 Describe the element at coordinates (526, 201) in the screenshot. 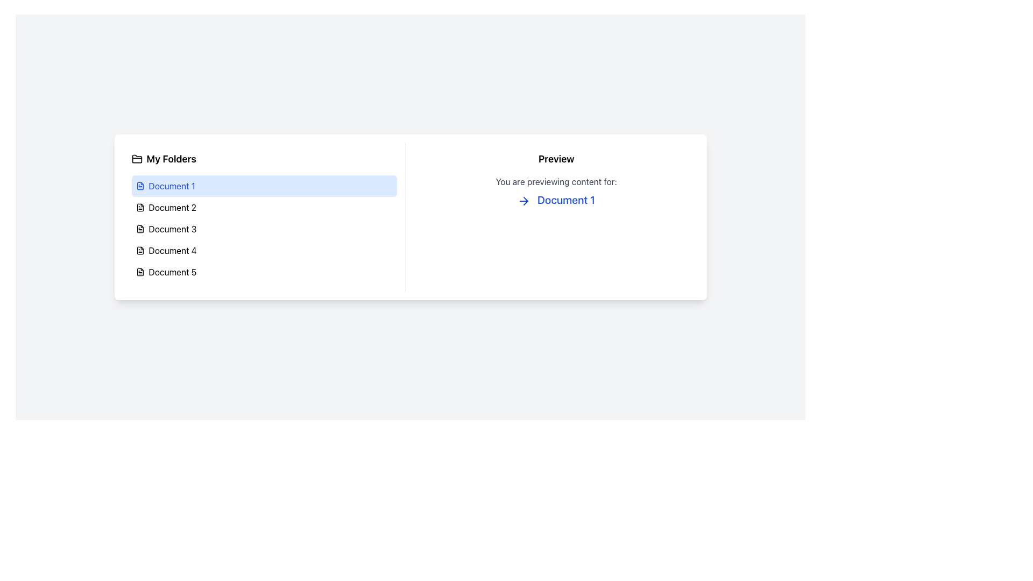

I see `the small right-pointing arrow icon located to the left of the text 'Document 1' in the 'Preview' section of the interface` at that location.